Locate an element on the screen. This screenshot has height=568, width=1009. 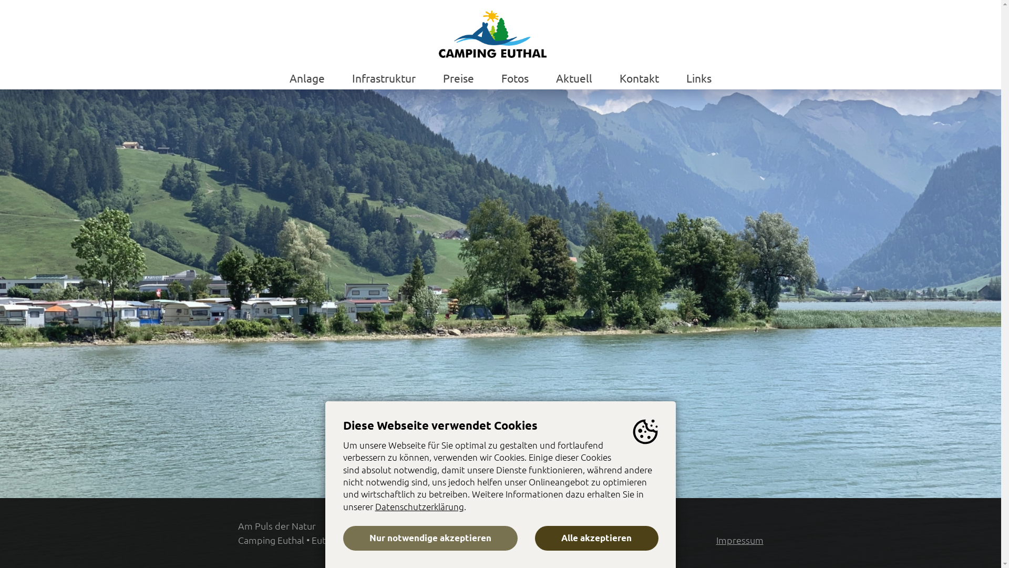
'Anlage' is located at coordinates (306, 77).